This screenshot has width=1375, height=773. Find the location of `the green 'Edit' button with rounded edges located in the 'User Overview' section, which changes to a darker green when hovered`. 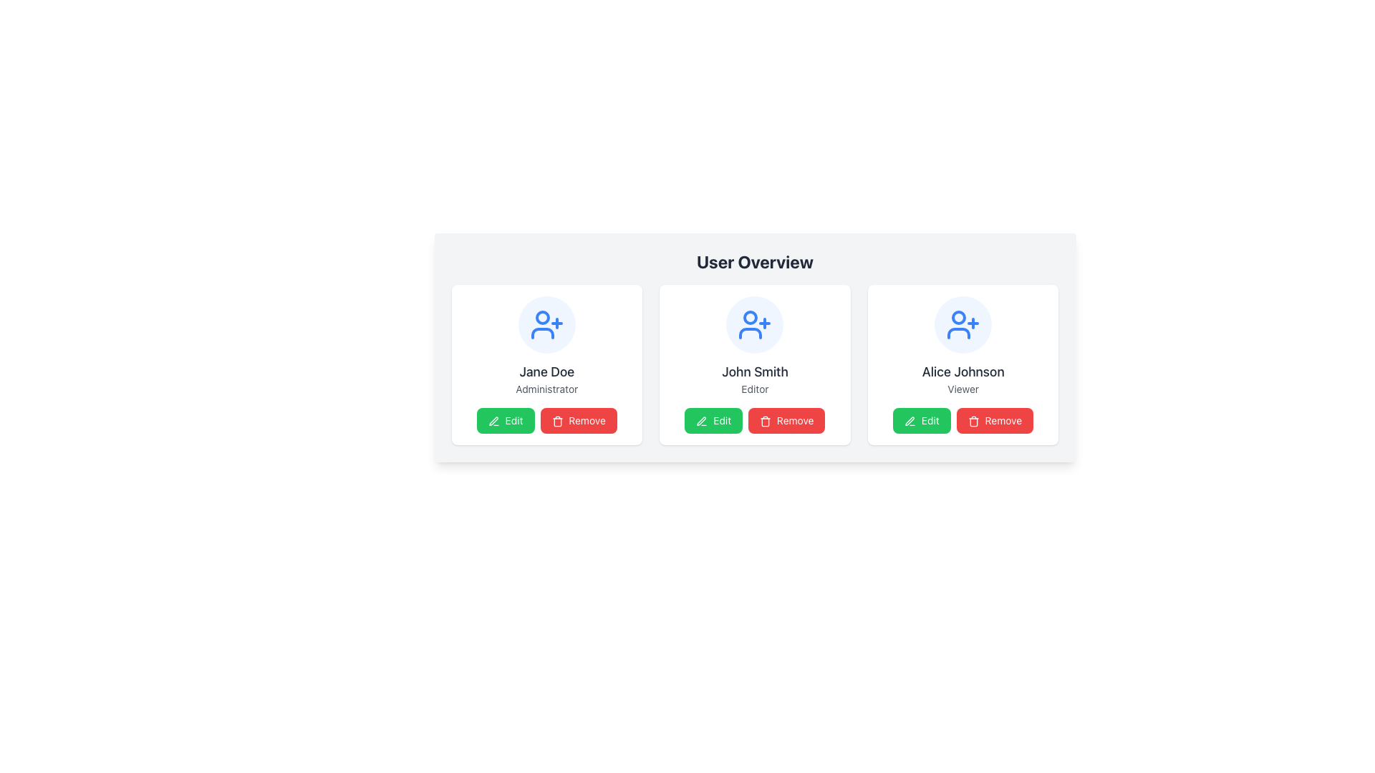

the green 'Edit' button with rounded edges located in the 'User Overview' section, which changes to a darker green when hovered is located at coordinates (506, 419).